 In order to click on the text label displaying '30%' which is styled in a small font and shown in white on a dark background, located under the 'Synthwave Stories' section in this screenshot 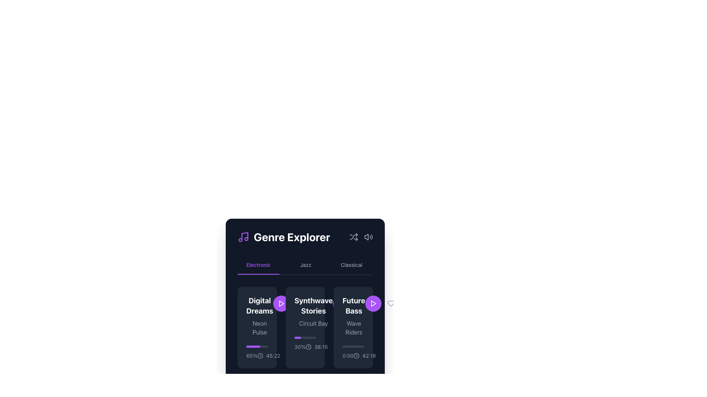, I will do `click(300, 347)`.